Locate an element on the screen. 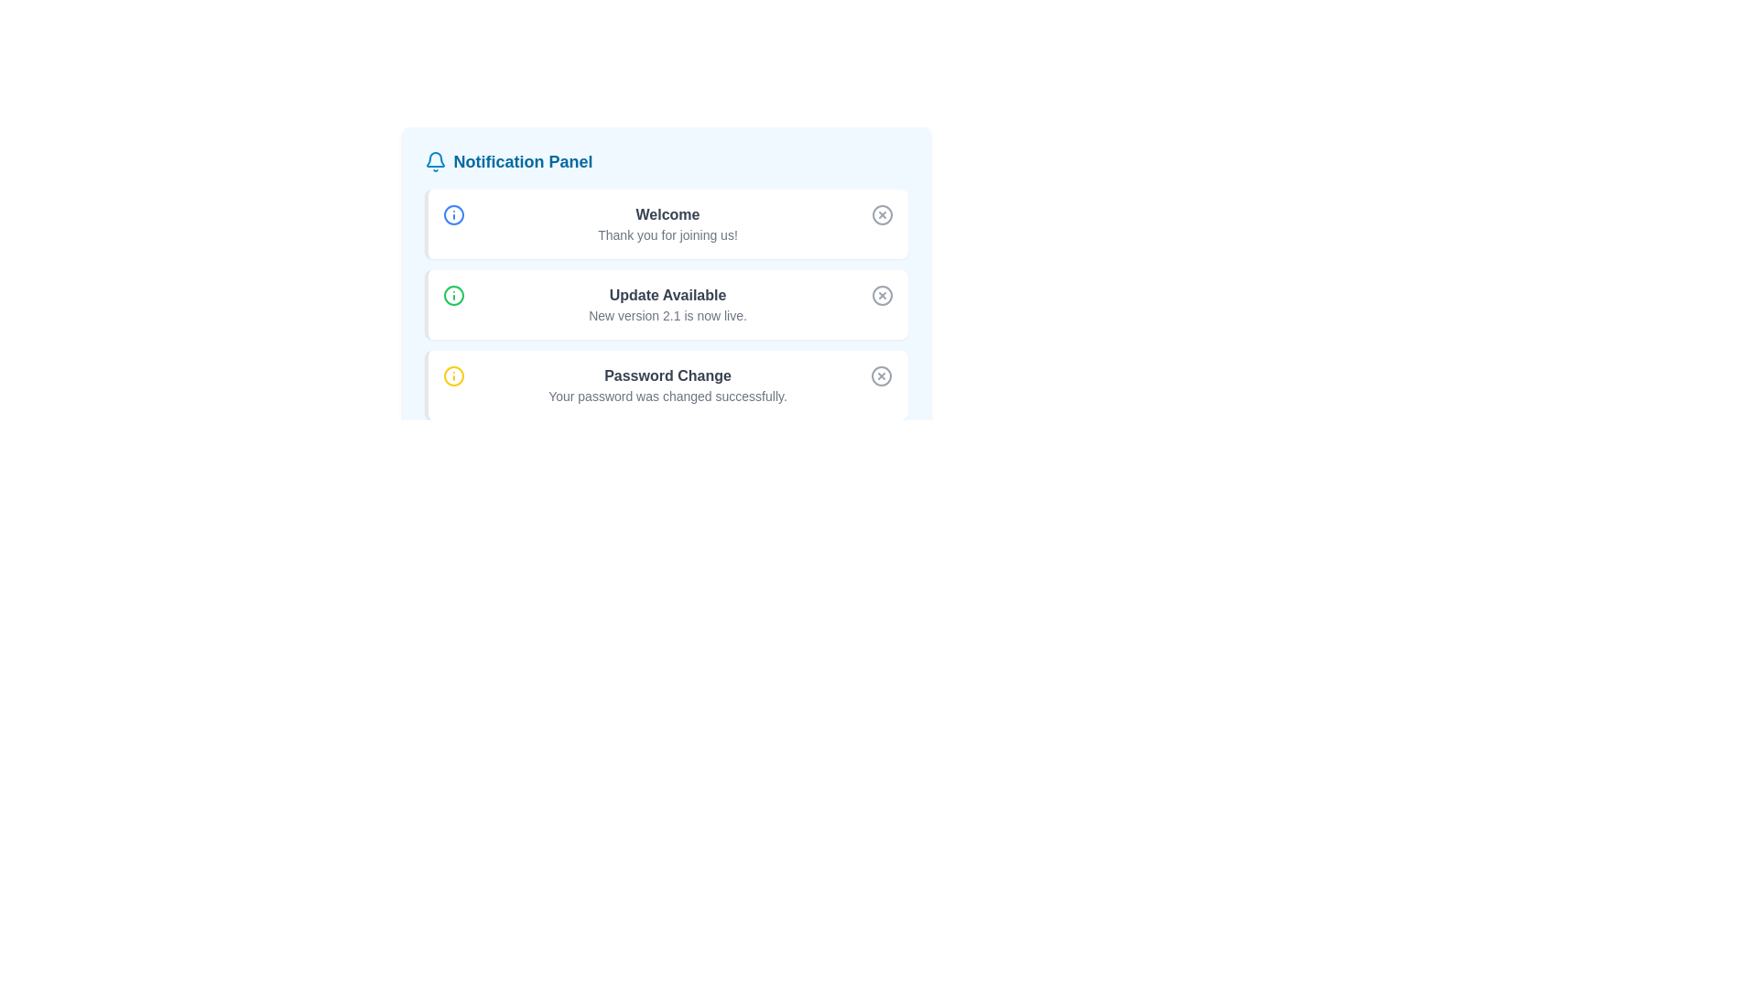  the 'Notification Panel' header element is located at coordinates (665, 161).